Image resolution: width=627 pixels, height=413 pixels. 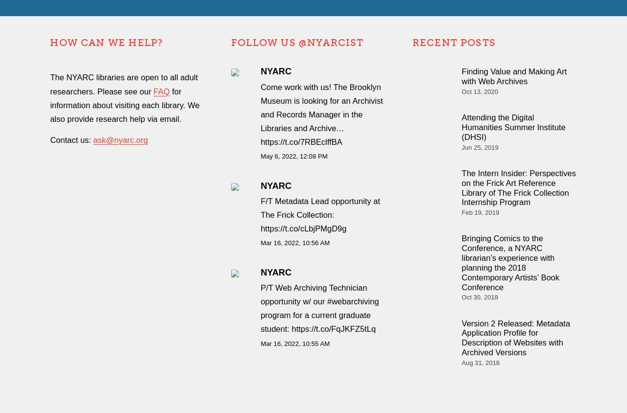 What do you see at coordinates (313, 295) in the screenshot?
I see `'P/T Web Archiving Technician opportunity w/ our'` at bounding box center [313, 295].